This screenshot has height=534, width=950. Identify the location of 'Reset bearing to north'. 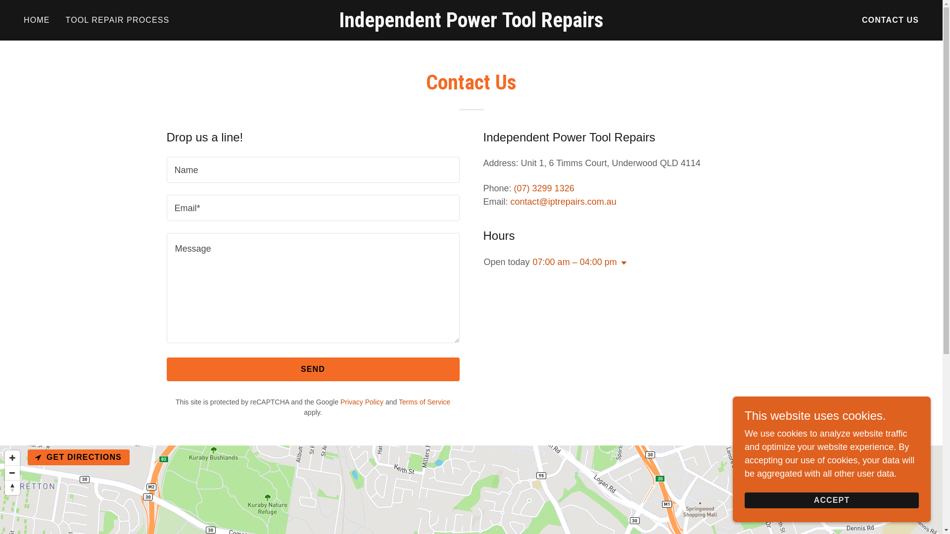
(12, 487).